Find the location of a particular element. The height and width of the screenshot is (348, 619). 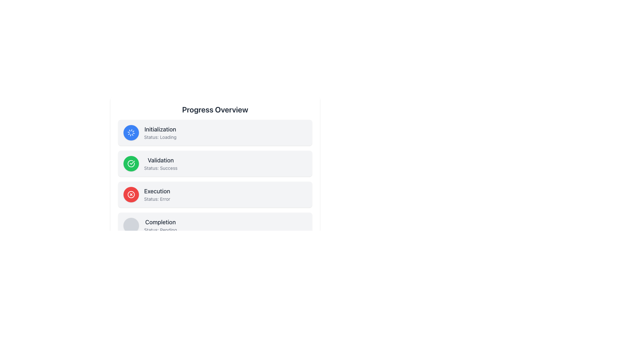

the checkmark symbol in the SVG graphic, which indicates successful validation, located next to the 'Validation' text in the 'Progress Overview' section is located at coordinates (132, 162).